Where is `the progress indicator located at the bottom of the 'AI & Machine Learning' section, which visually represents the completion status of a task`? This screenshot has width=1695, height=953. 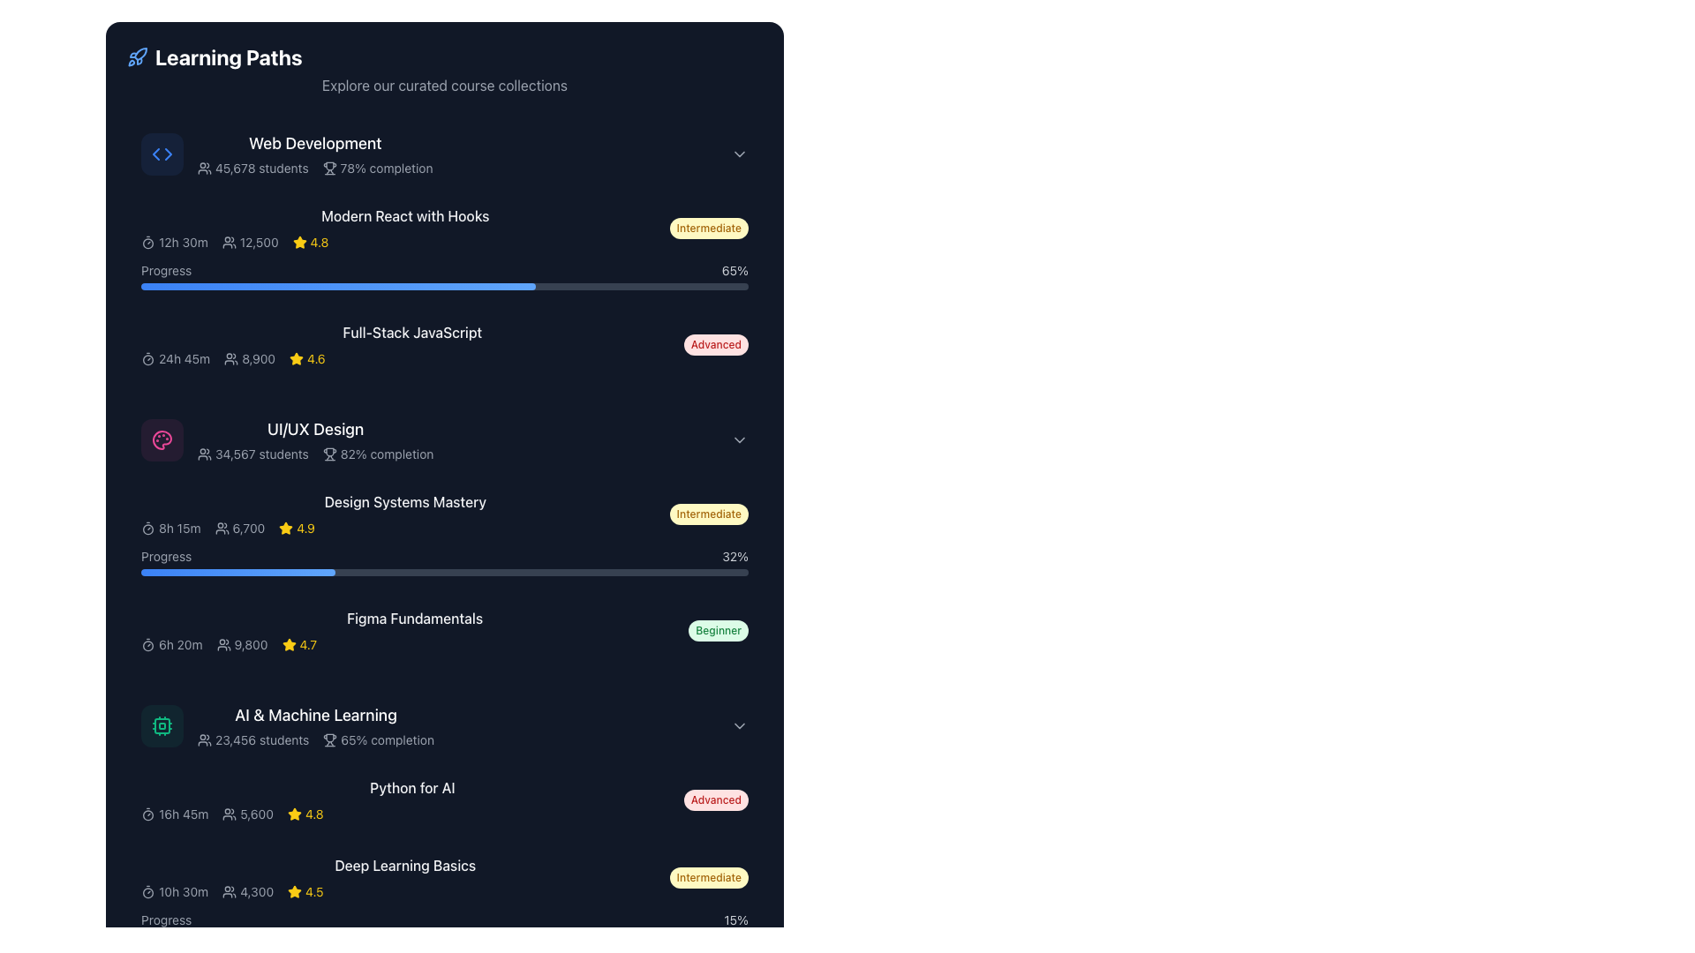
the progress indicator located at the bottom of the 'AI & Machine Learning' section, which visually represents the completion status of a task is located at coordinates (186, 934).